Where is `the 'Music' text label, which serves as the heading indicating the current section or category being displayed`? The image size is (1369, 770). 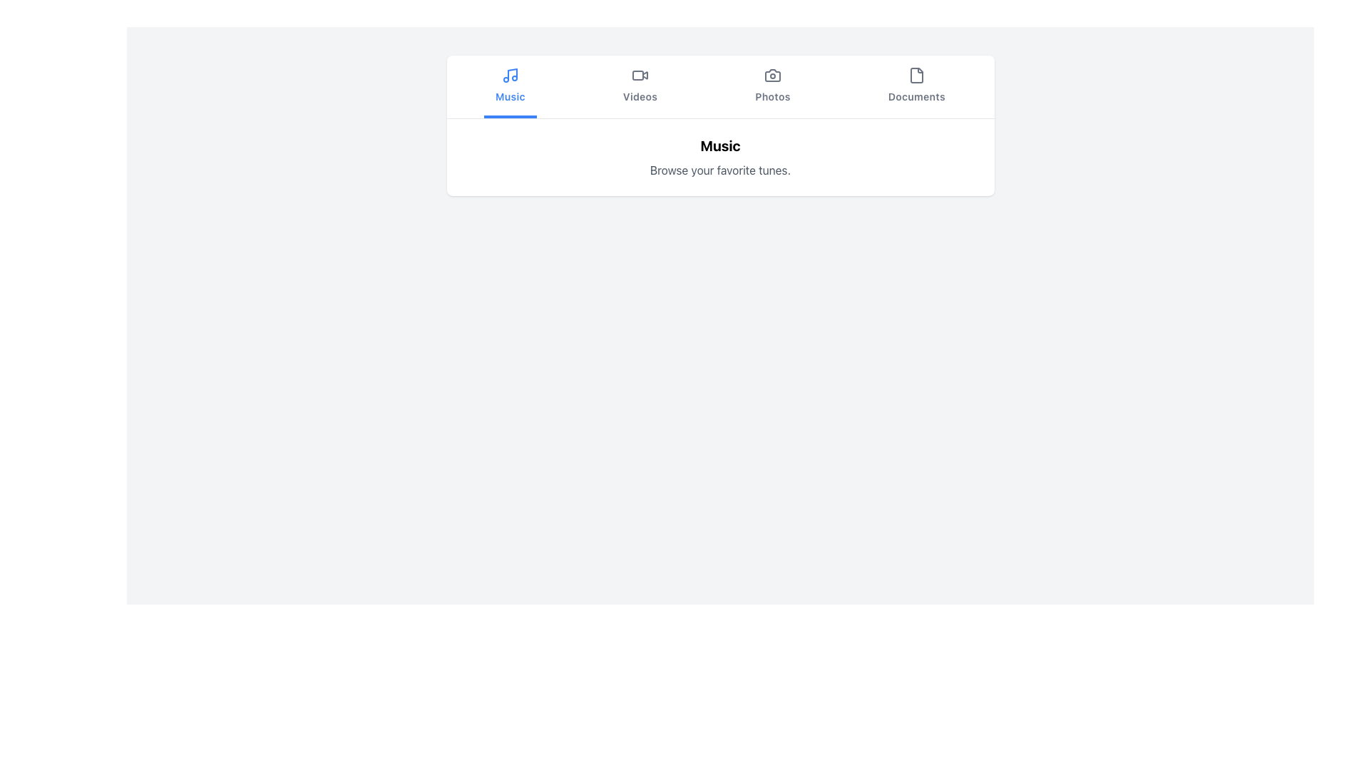 the 'Music' text label, which serves as the heading indicating the current section or category being displayed is located at coordinates (720, 145).